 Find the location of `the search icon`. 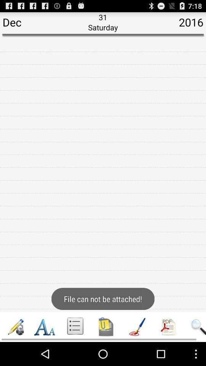

the search icon is located at coordinates (198, 350).